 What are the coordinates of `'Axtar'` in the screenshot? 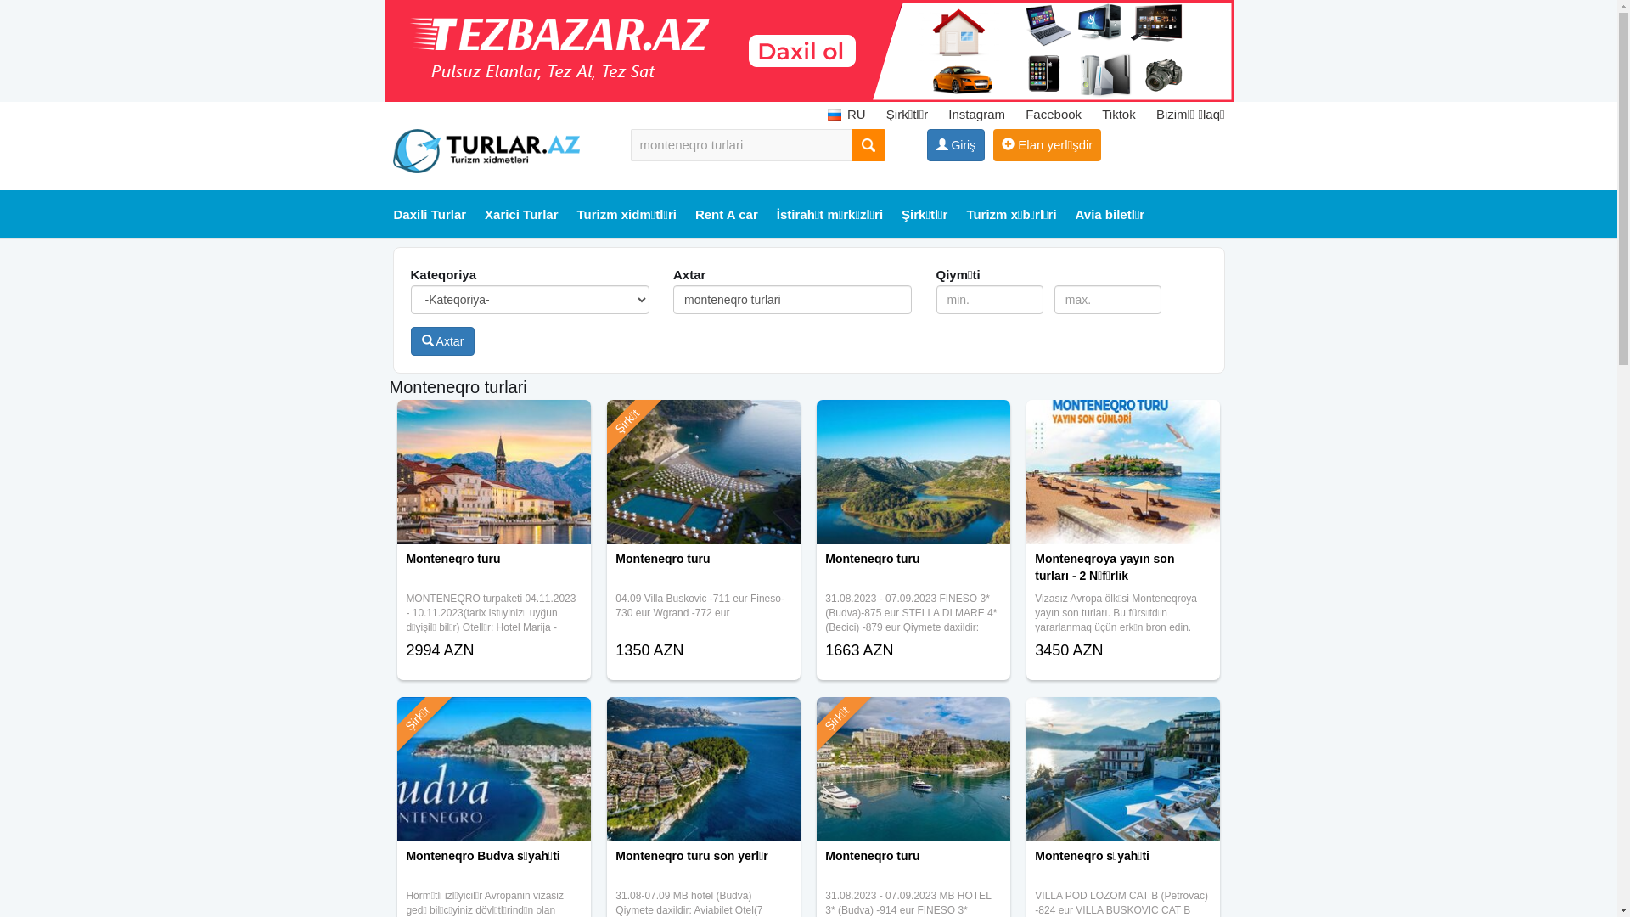 It's located at (443, 340).